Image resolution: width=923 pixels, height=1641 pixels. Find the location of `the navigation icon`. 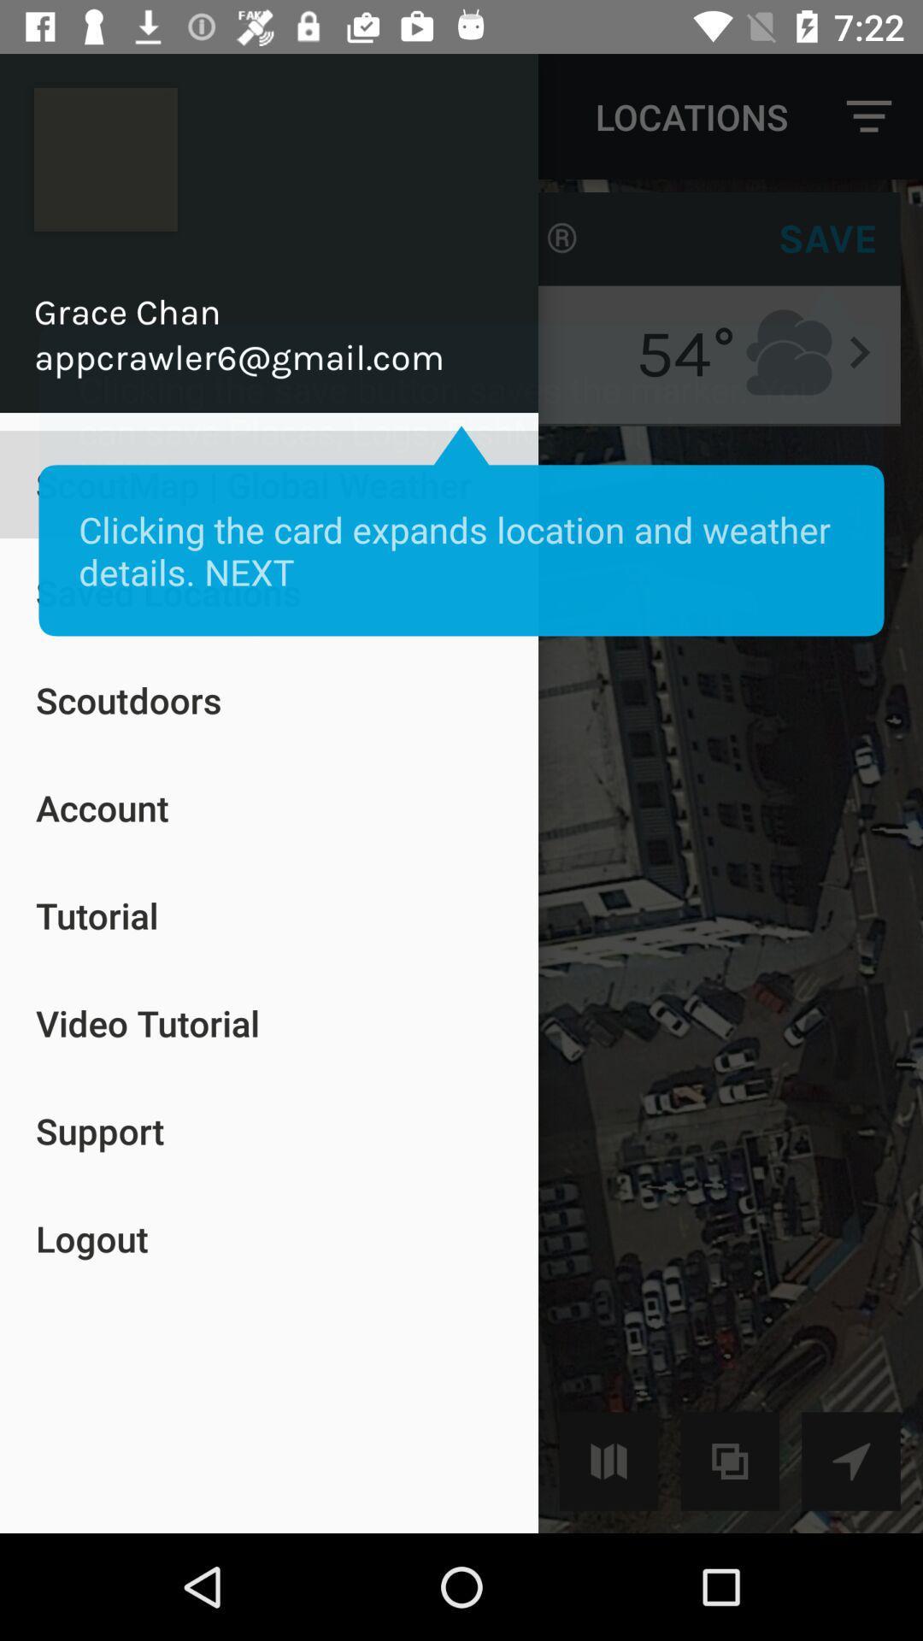

the navigation icon is located at coordinates (850, 1460).